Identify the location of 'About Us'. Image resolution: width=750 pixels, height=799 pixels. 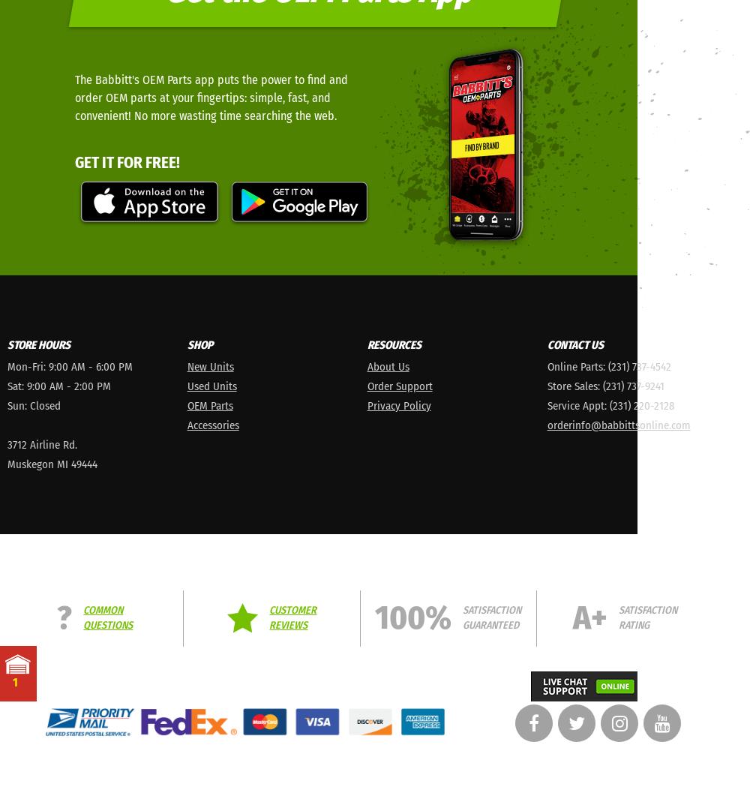
(388, 365).